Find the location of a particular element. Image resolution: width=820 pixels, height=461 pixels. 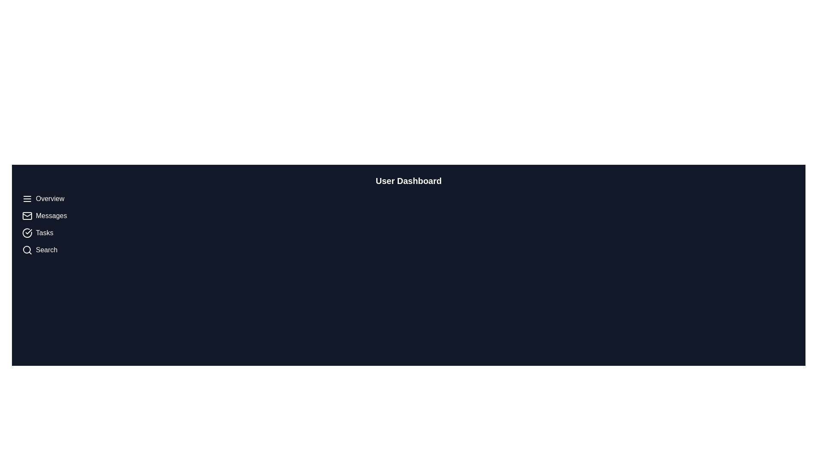

the 'Messages' label, which is a white text label in a vertical navigation bar on the left side, positioned below 'Overview' and above 'Tasks' is located at coordinates (51, 215).